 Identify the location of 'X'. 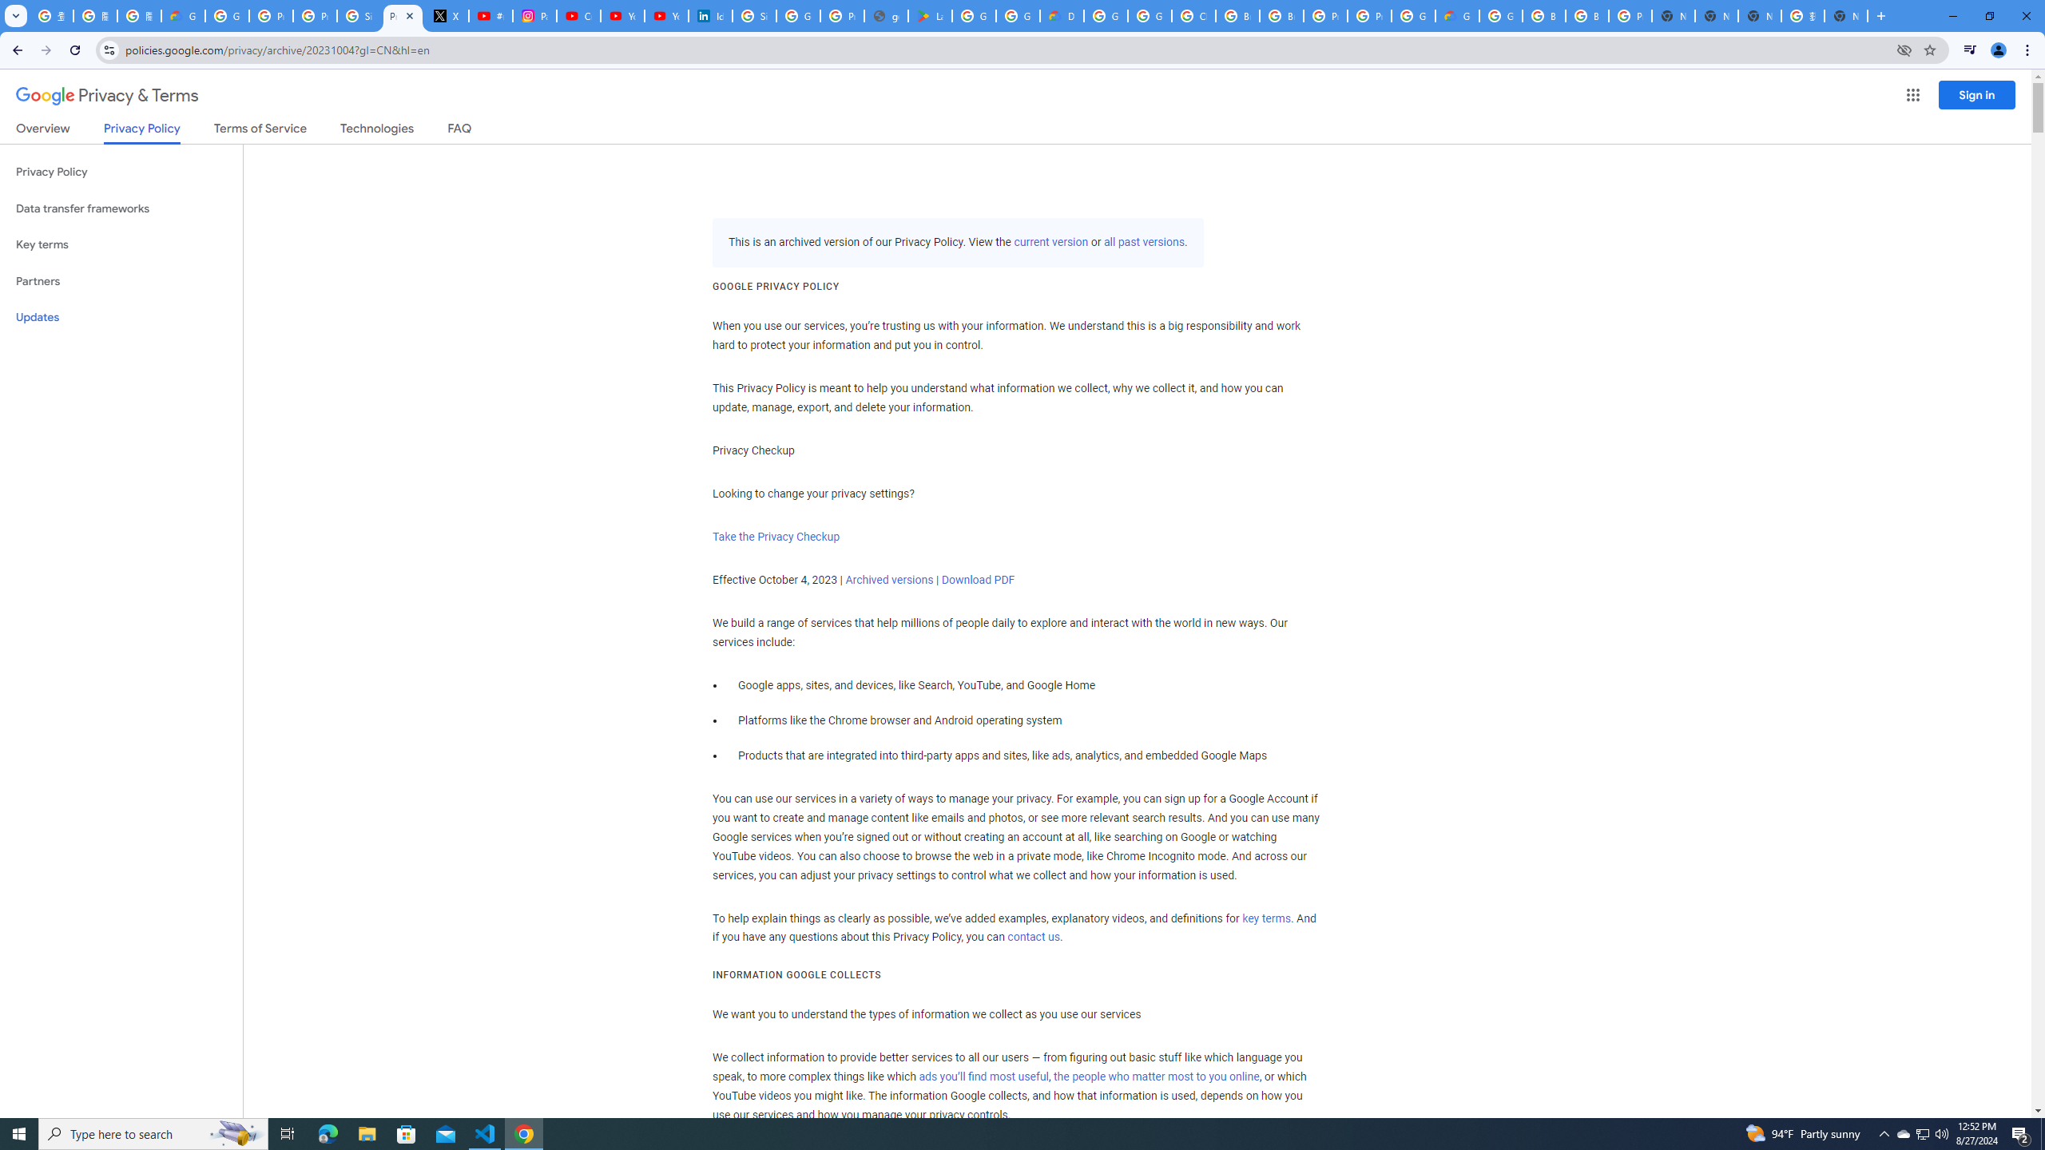
(446, 15).